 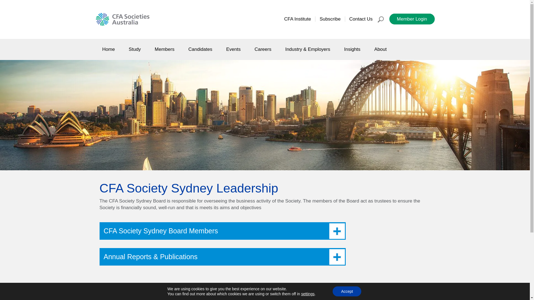 What do you see at coordinates (308, 49) in the screenshot?
I see `'Industry & Employers'` at bounding box center [308, 49].